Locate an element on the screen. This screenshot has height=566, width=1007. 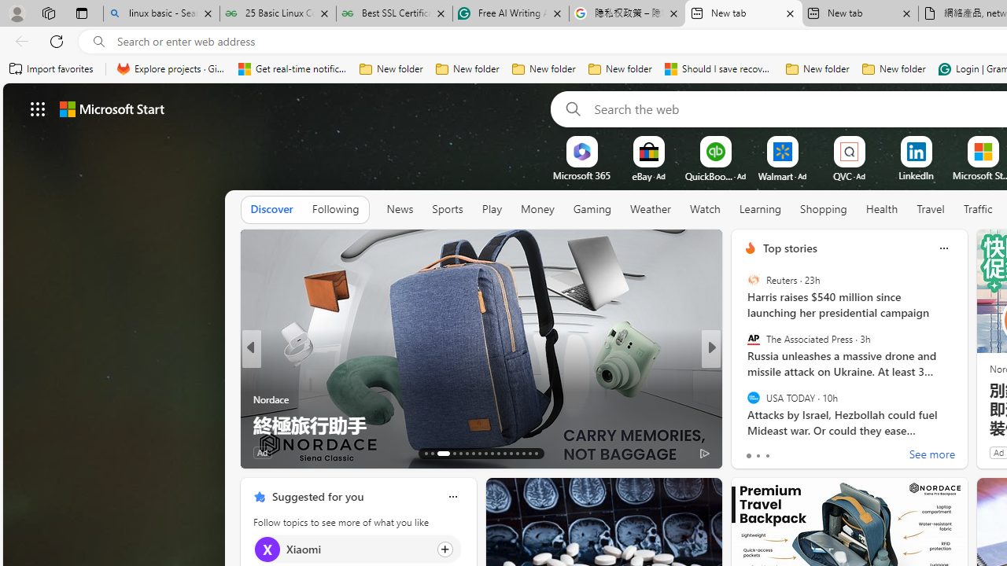
'219 Like' is located at coordinates (754, 452).